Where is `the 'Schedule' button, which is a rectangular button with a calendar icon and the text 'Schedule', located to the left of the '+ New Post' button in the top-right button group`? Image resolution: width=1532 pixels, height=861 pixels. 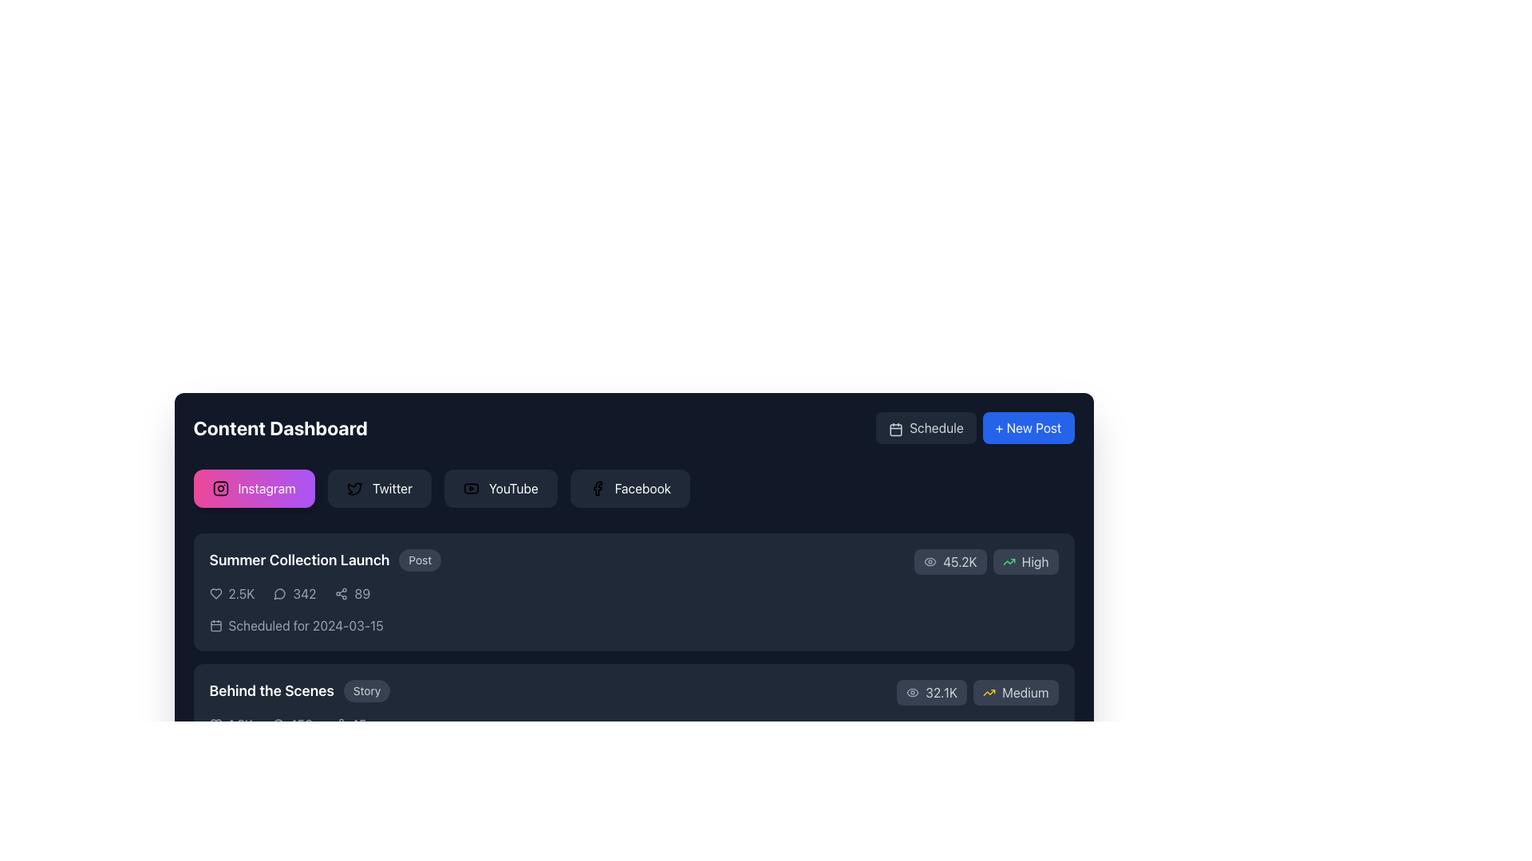 the 'Schedule' button, which is a rectangular button with a calendar icon and the text 'Schedule', located to the left of the '+ New Post' button in the top-right button group is located at coordinates (926, 427).